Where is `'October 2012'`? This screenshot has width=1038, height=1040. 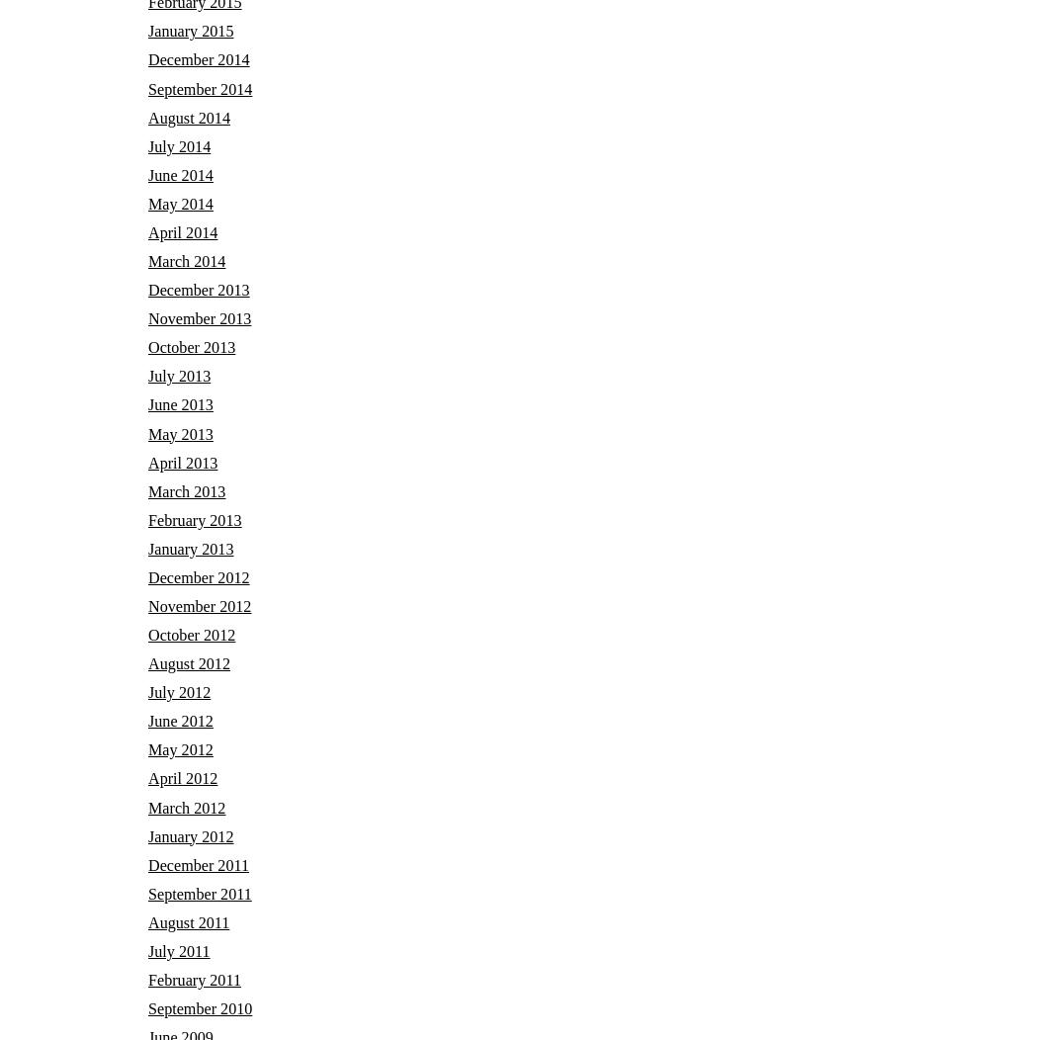
'October 2012' is located at coordinates (191, 635).